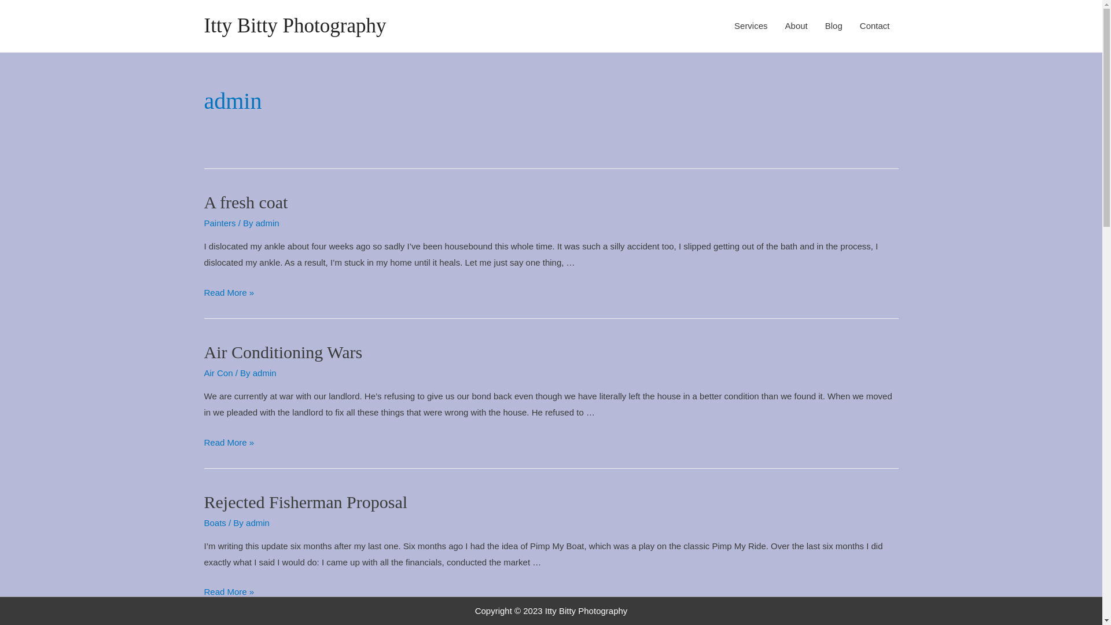 This screenshot has height=625, width=1111. I want to click on 'admin', so click(255, 223).